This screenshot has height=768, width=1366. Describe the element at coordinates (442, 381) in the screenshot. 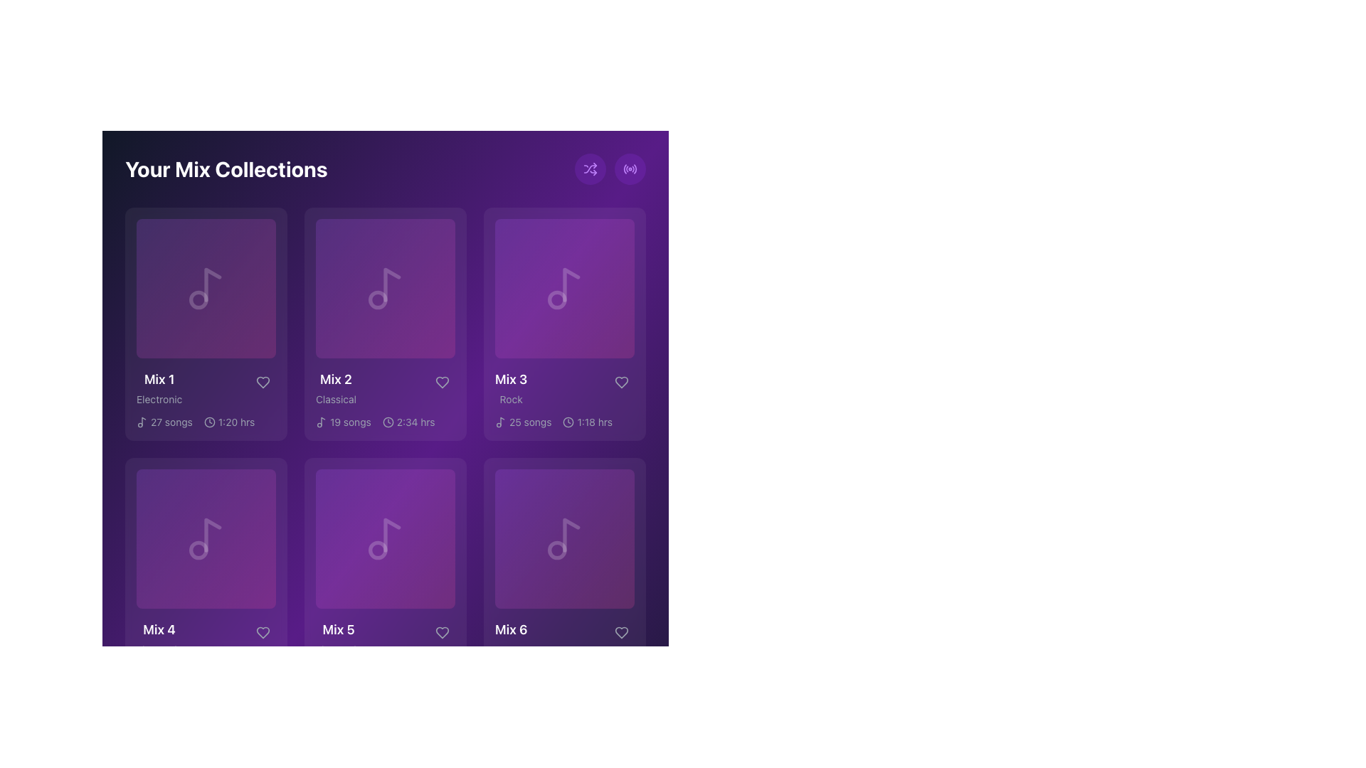

I see `the favorite button located in the bottom-right corner of the second card in the 'Your Mix Collections' grid` at that location.